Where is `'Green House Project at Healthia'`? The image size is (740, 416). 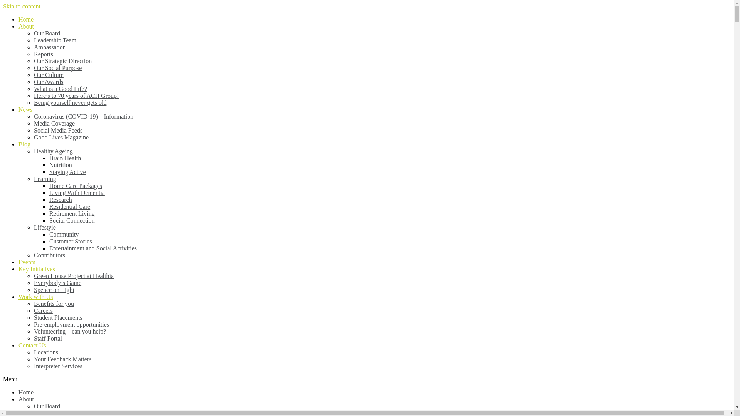 'Green House Project at Healthia' is located at coordinates (74, 275).